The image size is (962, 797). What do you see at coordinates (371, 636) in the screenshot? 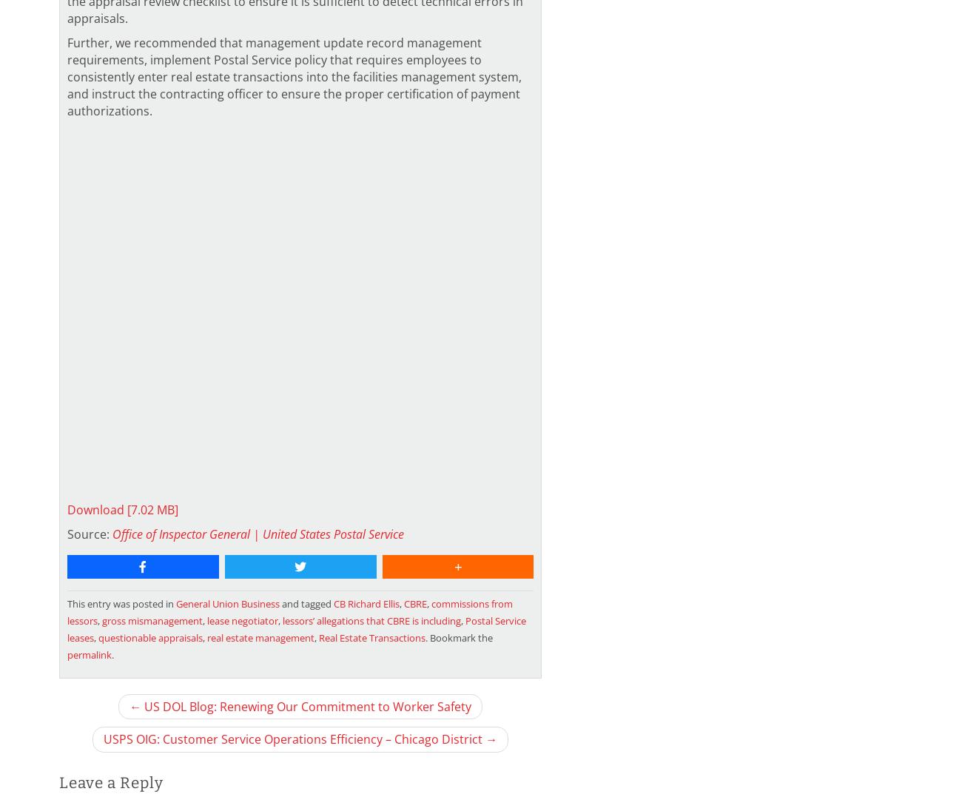
I see `'Real Estate Transactions'` at bounding box center [371, 636].